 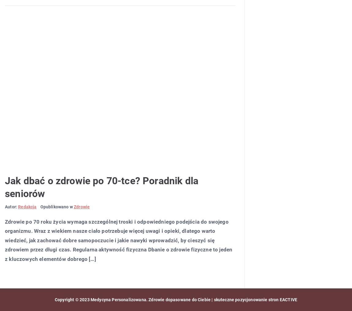 What do you see at coordinates (245, 299) in the screenshot?
I see `'skuteczne pozycjonowanie stron'` at bounding box center [245, 299].